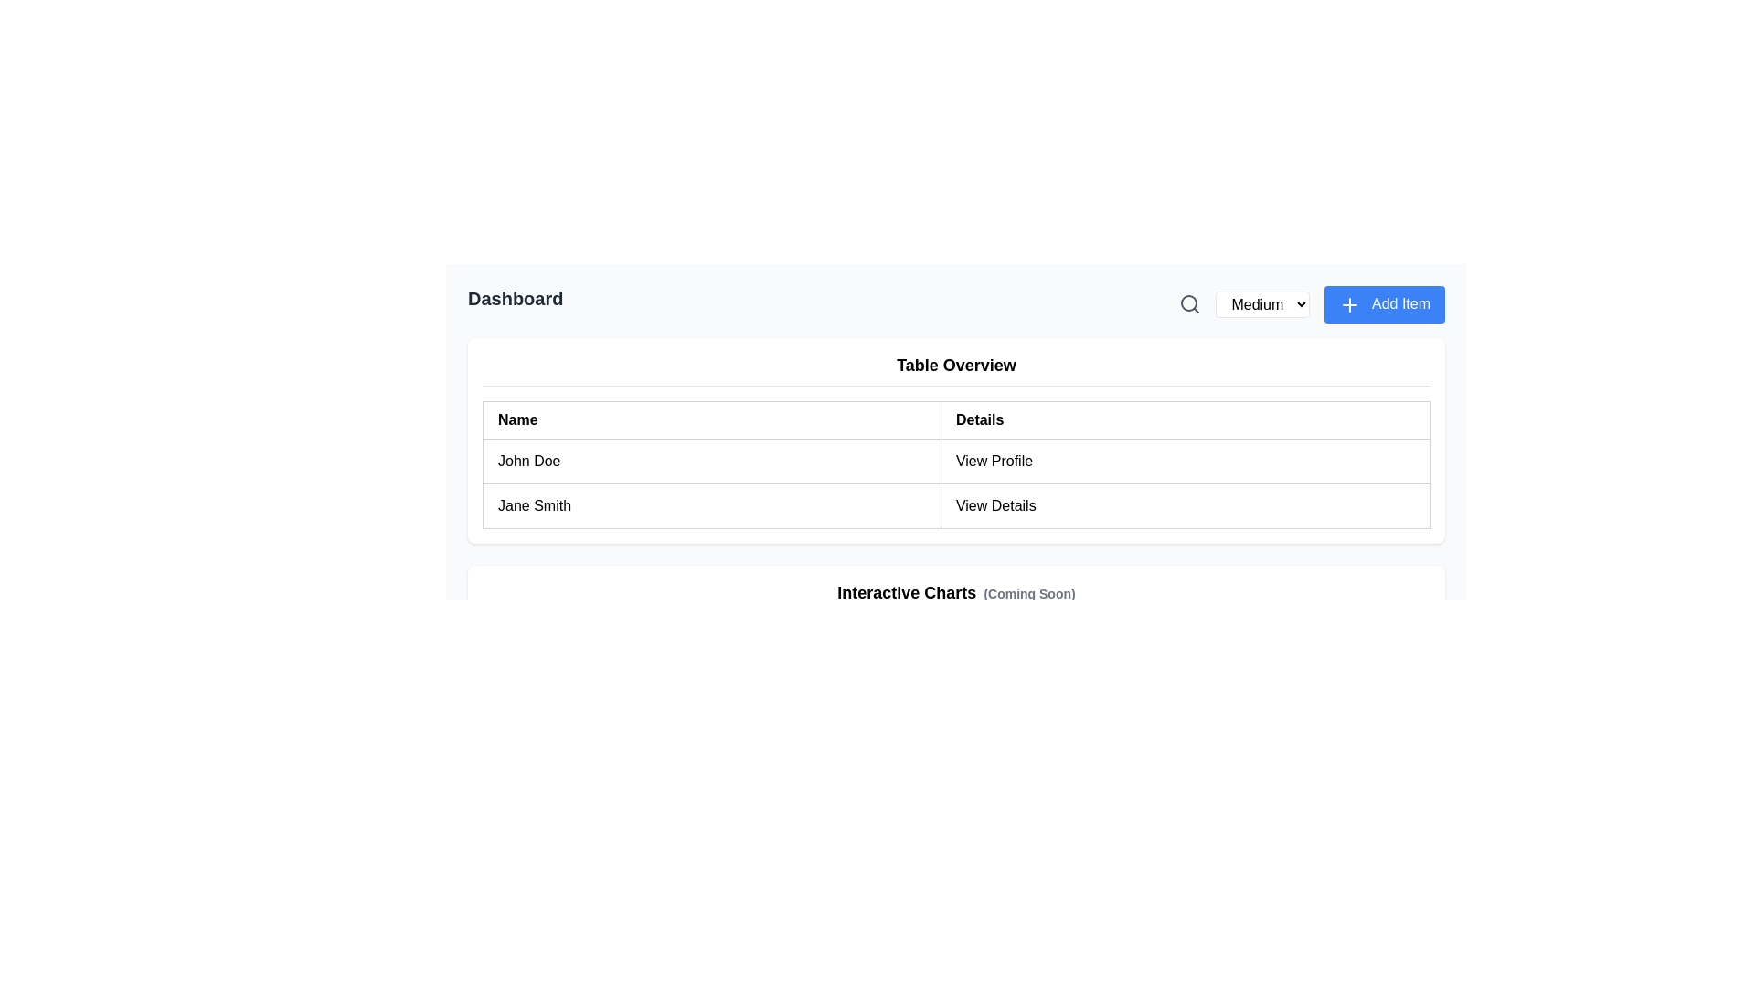  What do you see at coordinates (1261, 303) in the screenshot?
I see `the dropdown menu labeled 'Medium'` at bounding box center [1261, 303].